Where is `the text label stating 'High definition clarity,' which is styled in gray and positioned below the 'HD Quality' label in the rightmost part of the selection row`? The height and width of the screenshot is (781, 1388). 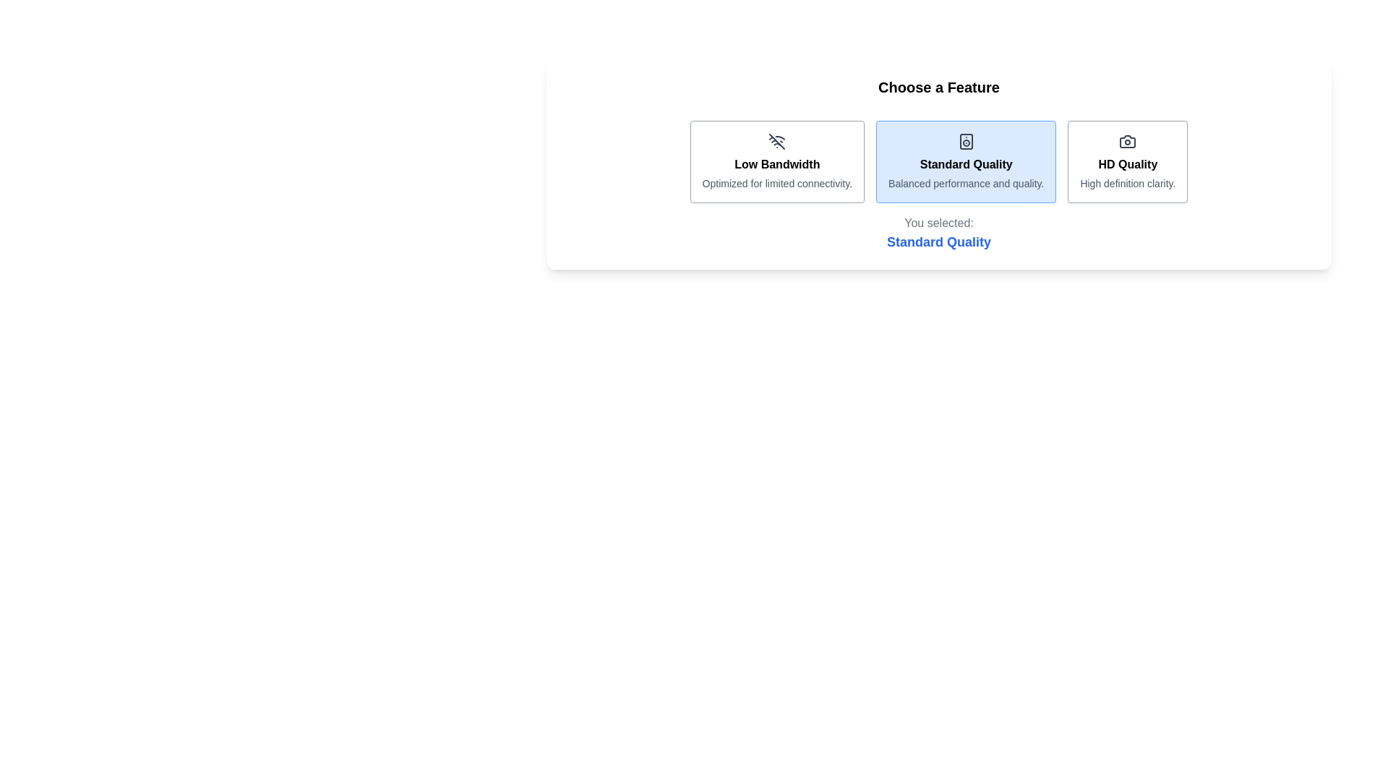
the text label stating 'High definition clarity,' which is styled in gray and positioned below the 'HD Quality' label in the rightmost part of the selection row is located at coordinates (1127, 183).